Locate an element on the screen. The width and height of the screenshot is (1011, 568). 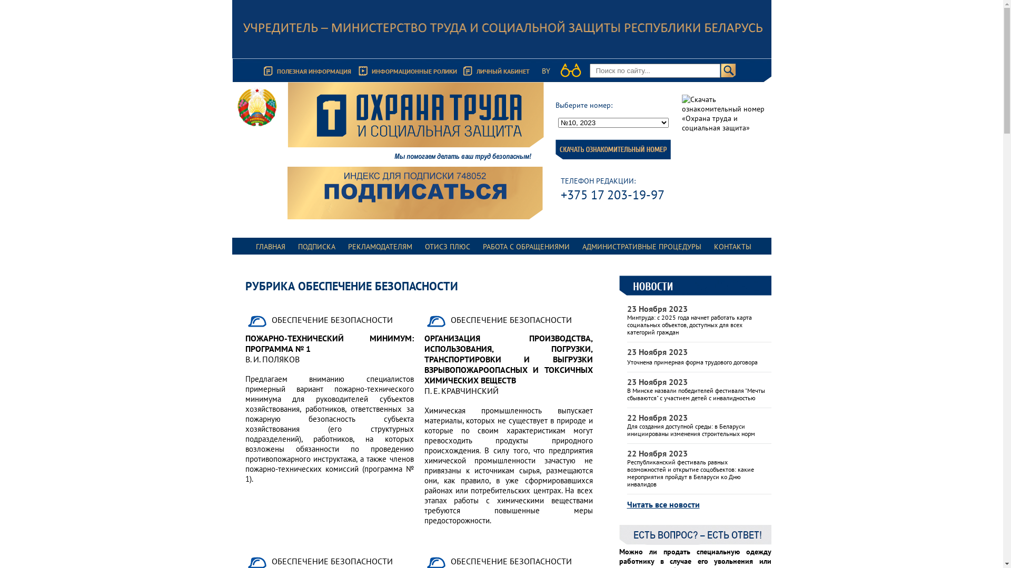
'BY' is located at coordinates (546, 71).